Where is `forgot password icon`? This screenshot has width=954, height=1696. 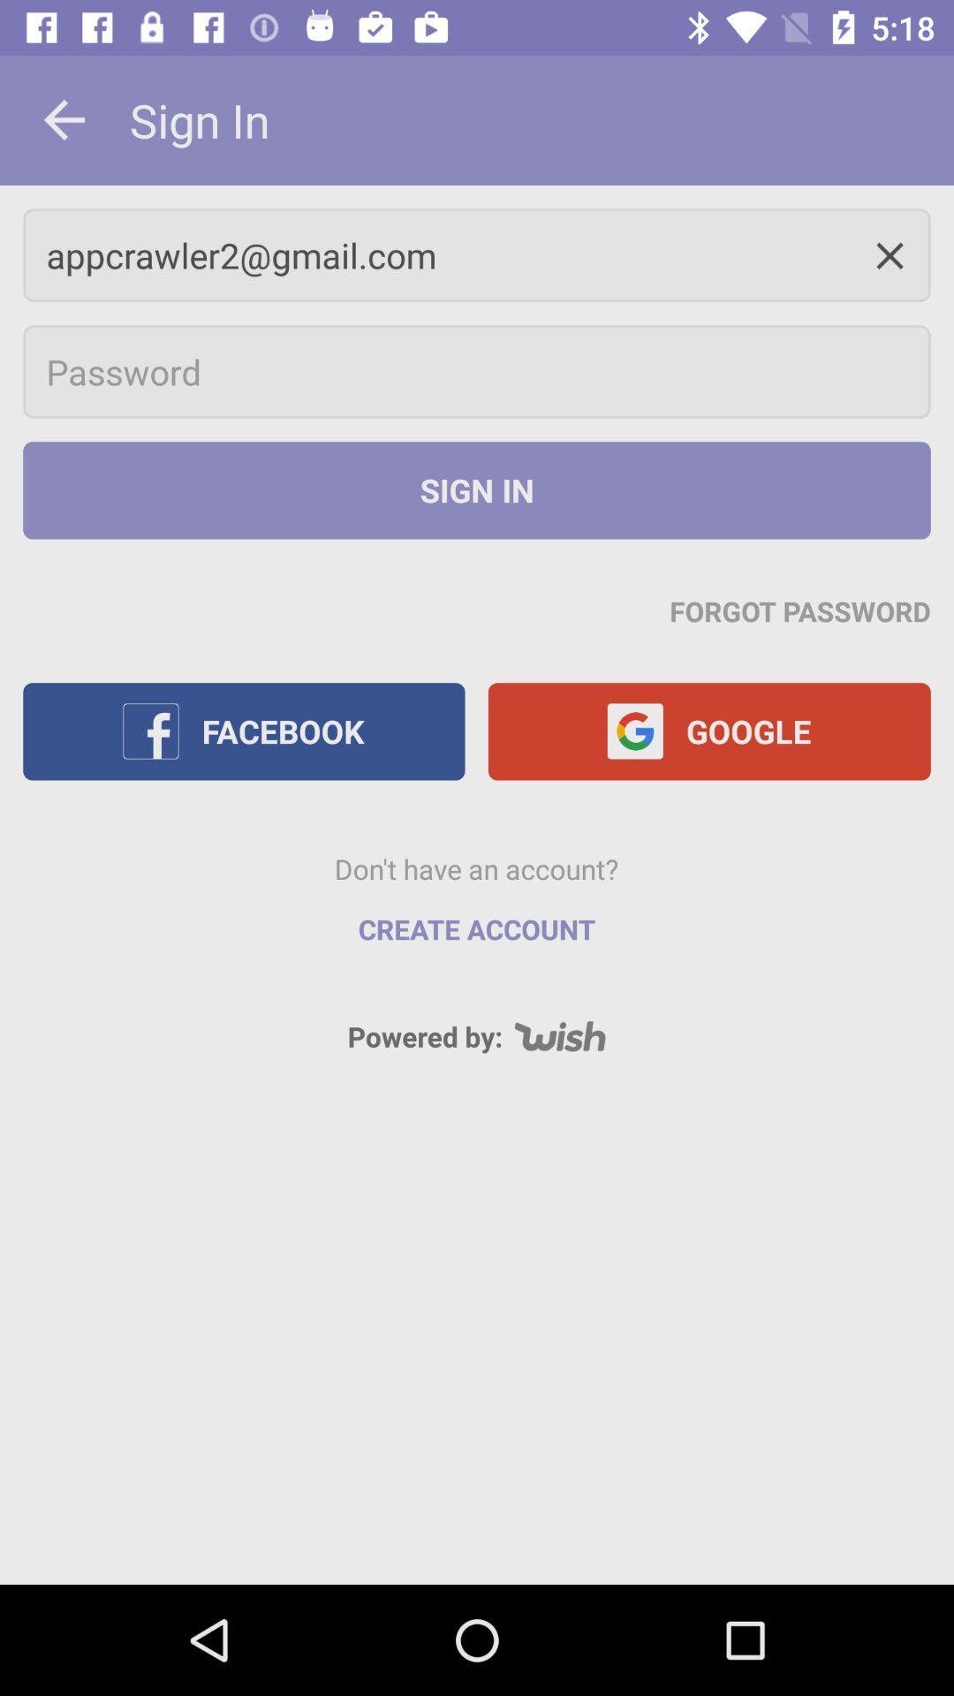
forgot password icon is located at coordinates (800, 610).